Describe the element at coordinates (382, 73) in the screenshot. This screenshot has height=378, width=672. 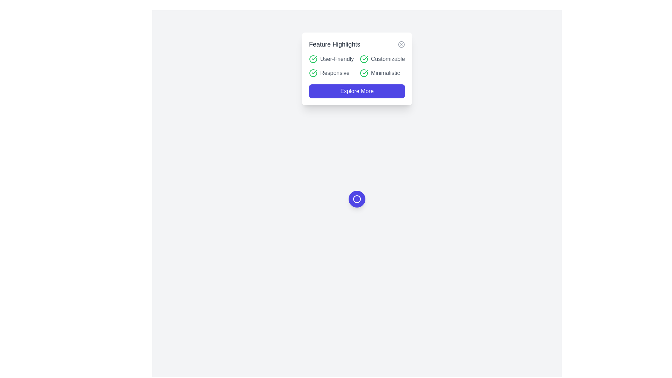
I see `the 'Minimalistic' label with icon located in the 'Feature Highlights' card at the bottom-right corner, following 'Responsive' and aligned with 'Customizable'` at that location.